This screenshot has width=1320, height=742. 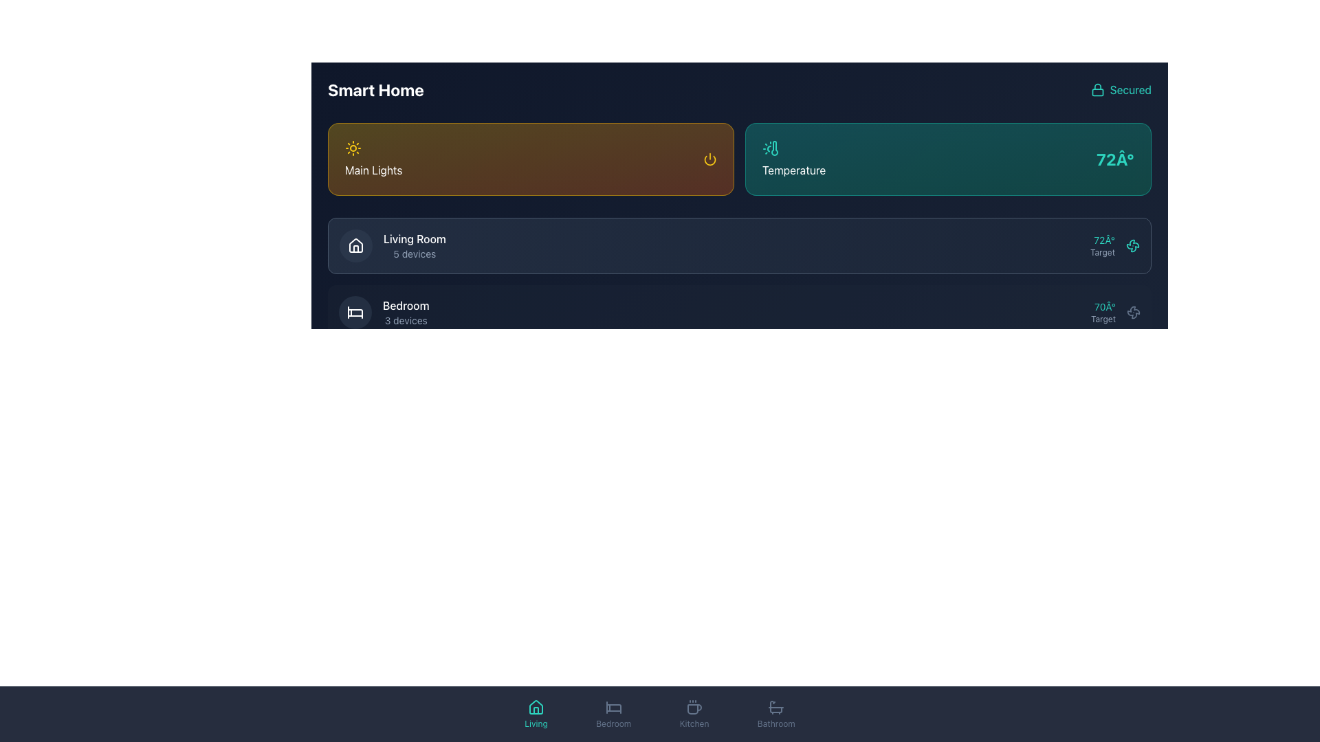 What do you see at coordinates (776, 707) in the screenshot?
I see `the 'Bathroom' icon in the bottom navigation bar` at bounding box center [776, 707].